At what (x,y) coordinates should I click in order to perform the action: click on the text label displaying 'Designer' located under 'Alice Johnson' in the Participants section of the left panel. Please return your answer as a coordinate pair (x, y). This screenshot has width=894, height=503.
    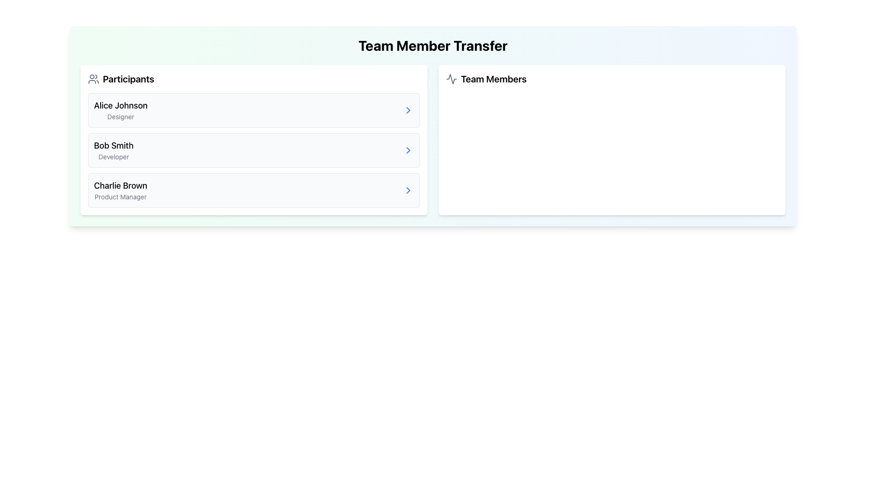
    Looking at the image, I should click on (120, 116).